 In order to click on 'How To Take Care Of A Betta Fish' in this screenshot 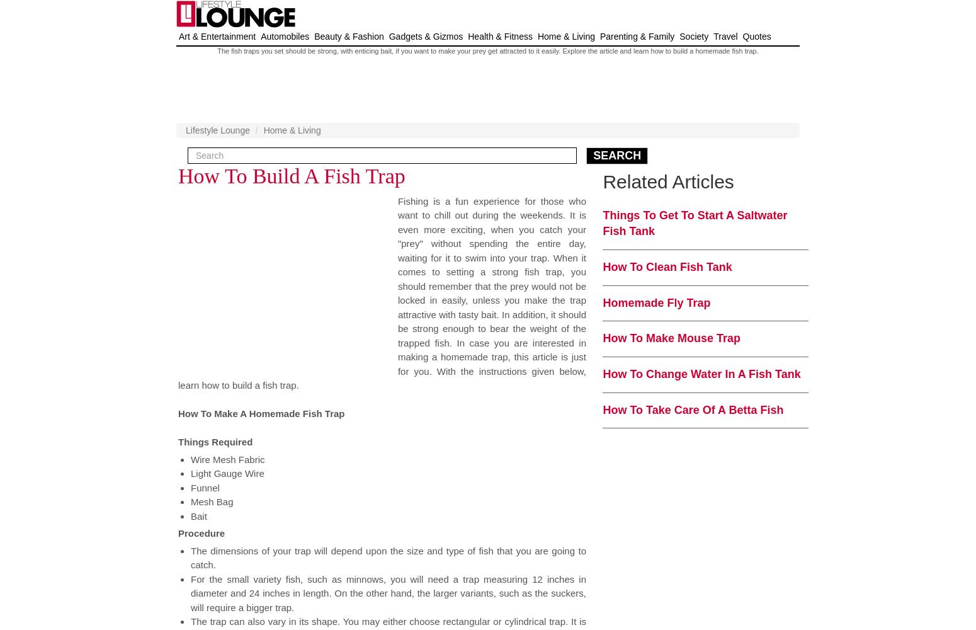, I will do `click(692, 409)`.